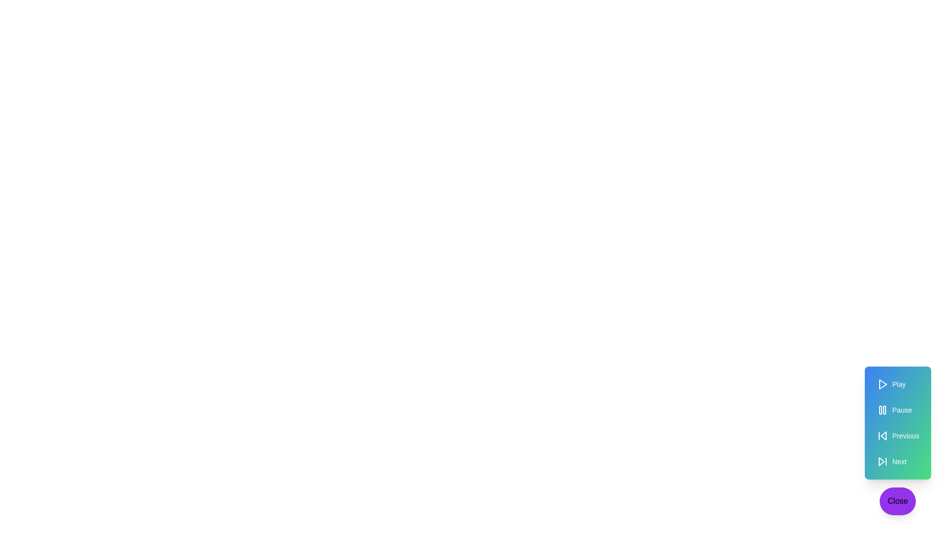 The height and width of the screenshot is (535, 951). I want to click on the 'Play' button, so click(898, 383).